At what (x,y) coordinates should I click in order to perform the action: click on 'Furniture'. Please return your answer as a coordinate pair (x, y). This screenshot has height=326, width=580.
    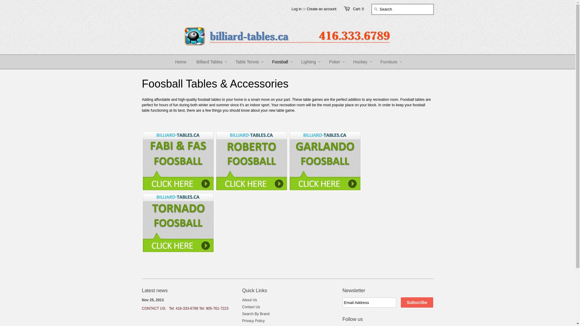
    Looking at the image, I should click on (388, 62).